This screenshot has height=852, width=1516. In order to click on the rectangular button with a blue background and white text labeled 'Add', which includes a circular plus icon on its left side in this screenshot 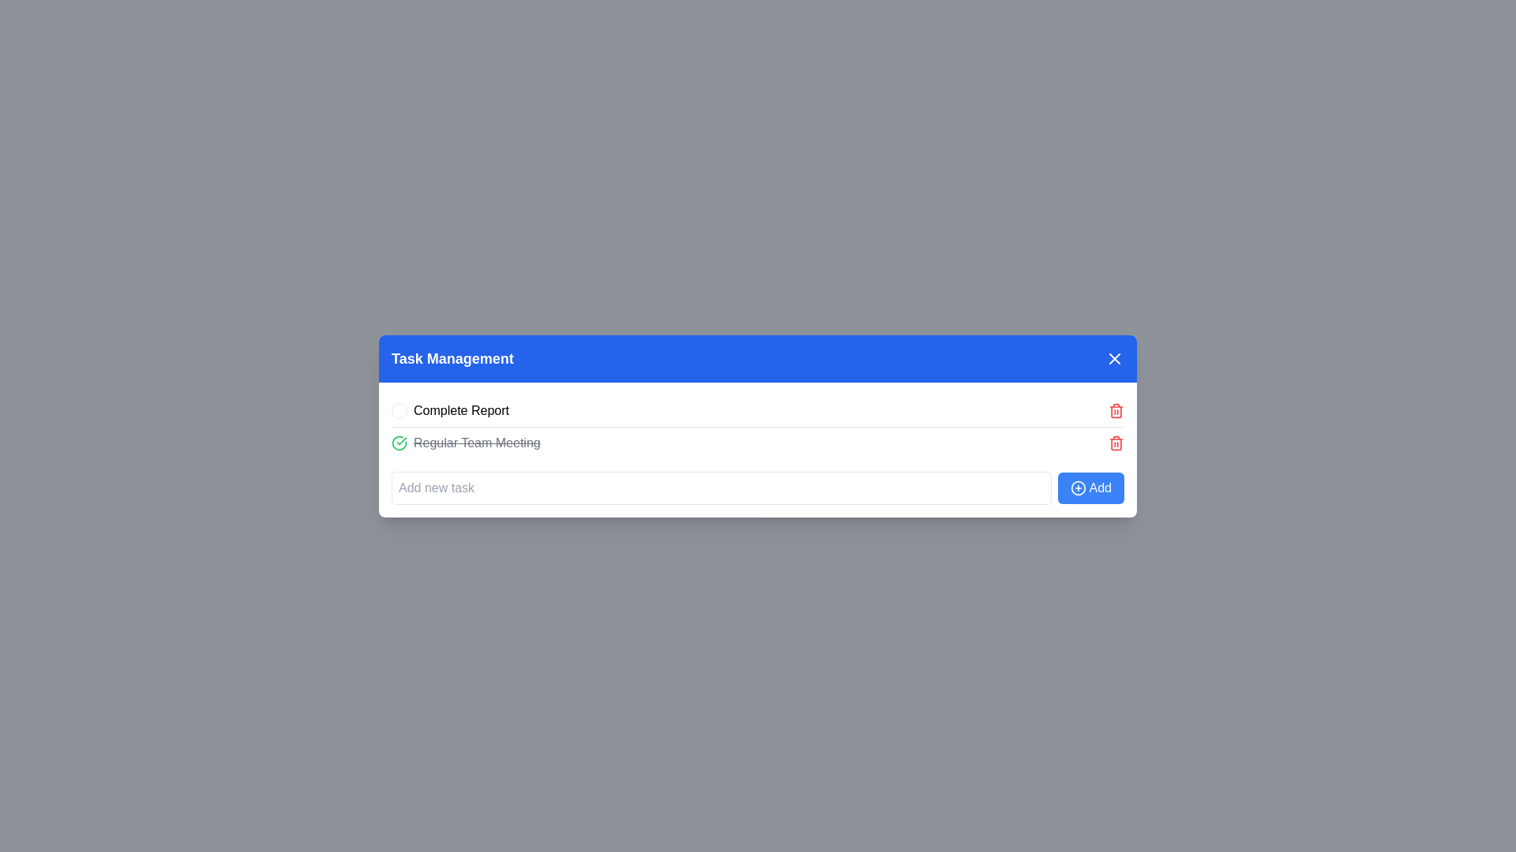, I will do `click(1090, 487)`.